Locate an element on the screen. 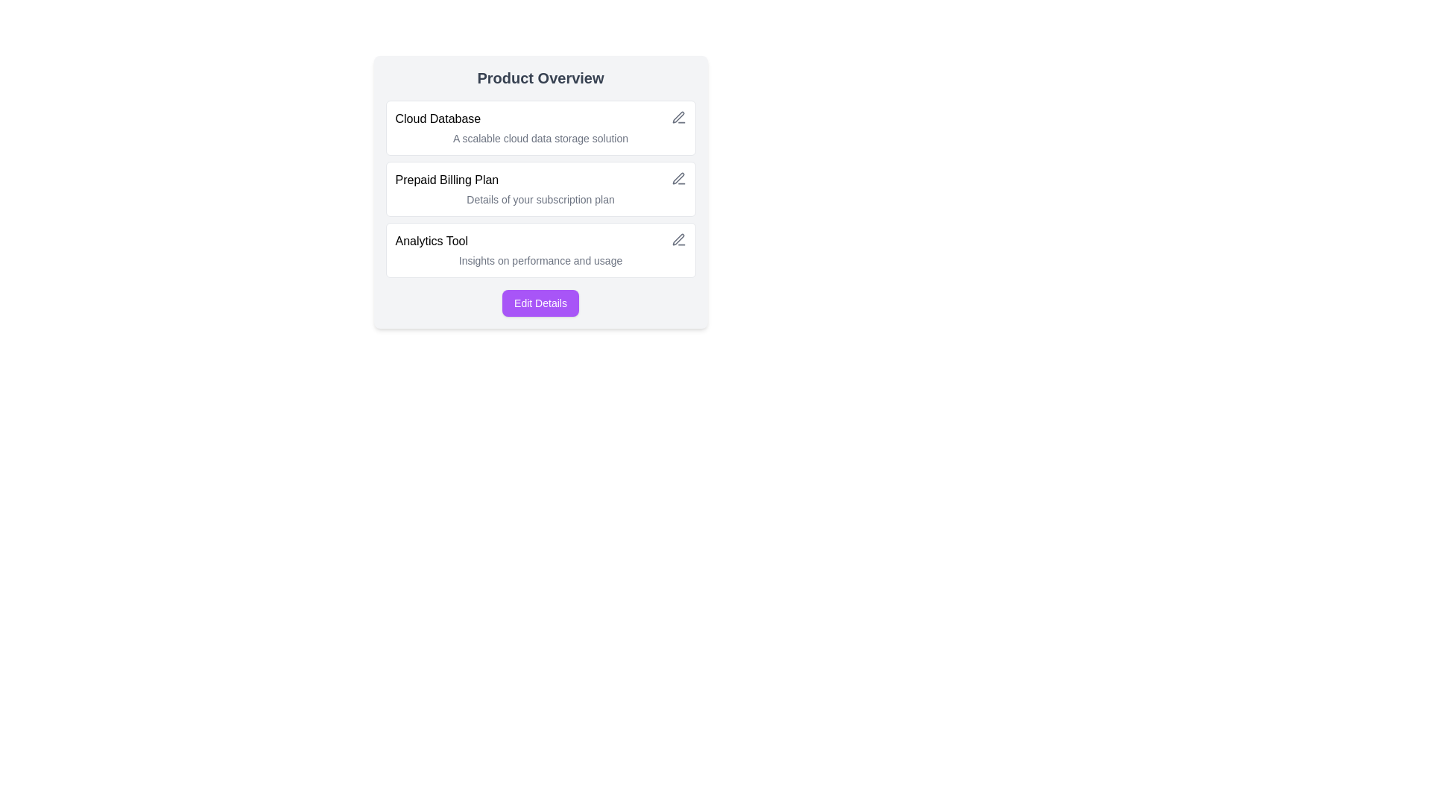 The image size is (1431, 805). the second informational card displaying details about the prepaid billing subscription plan, located centrally within the panel is located at coordinates (540, 189).